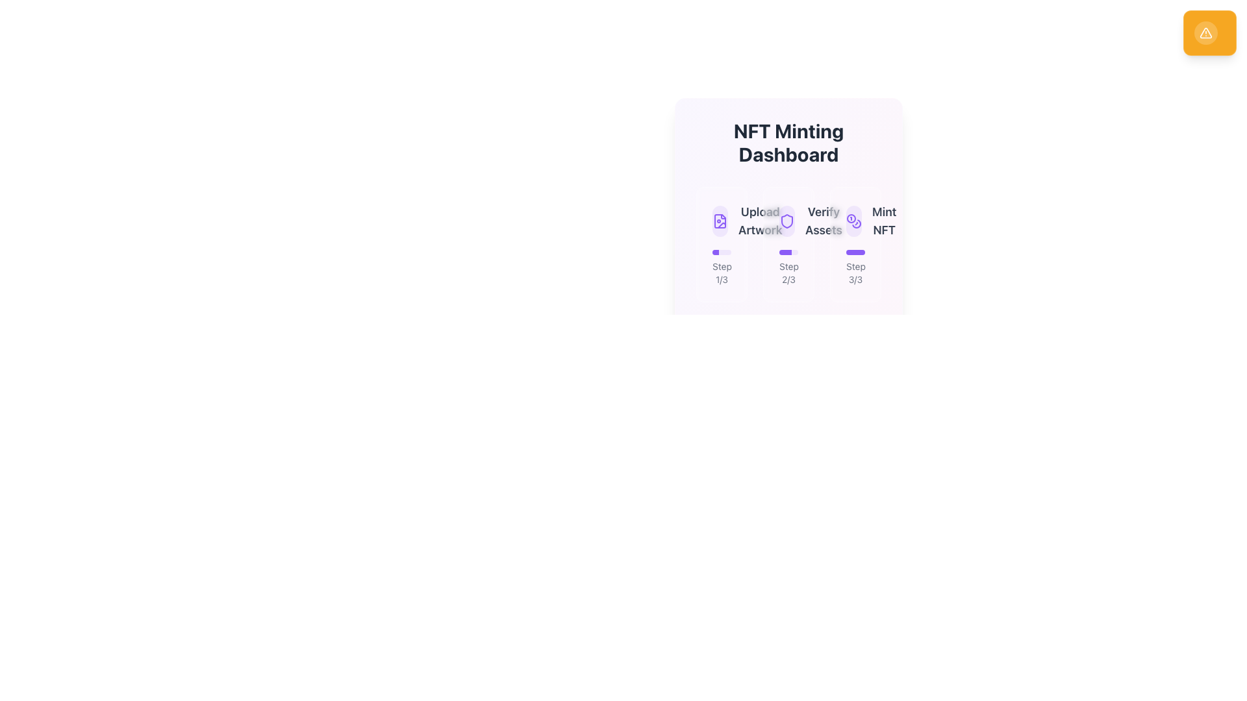 The image size is (1247, 701). I want to click on the progress visually on the violet progress bar associated with 'Step 1/3', which is located above the text 'Step 1/3', so click(721, 252).